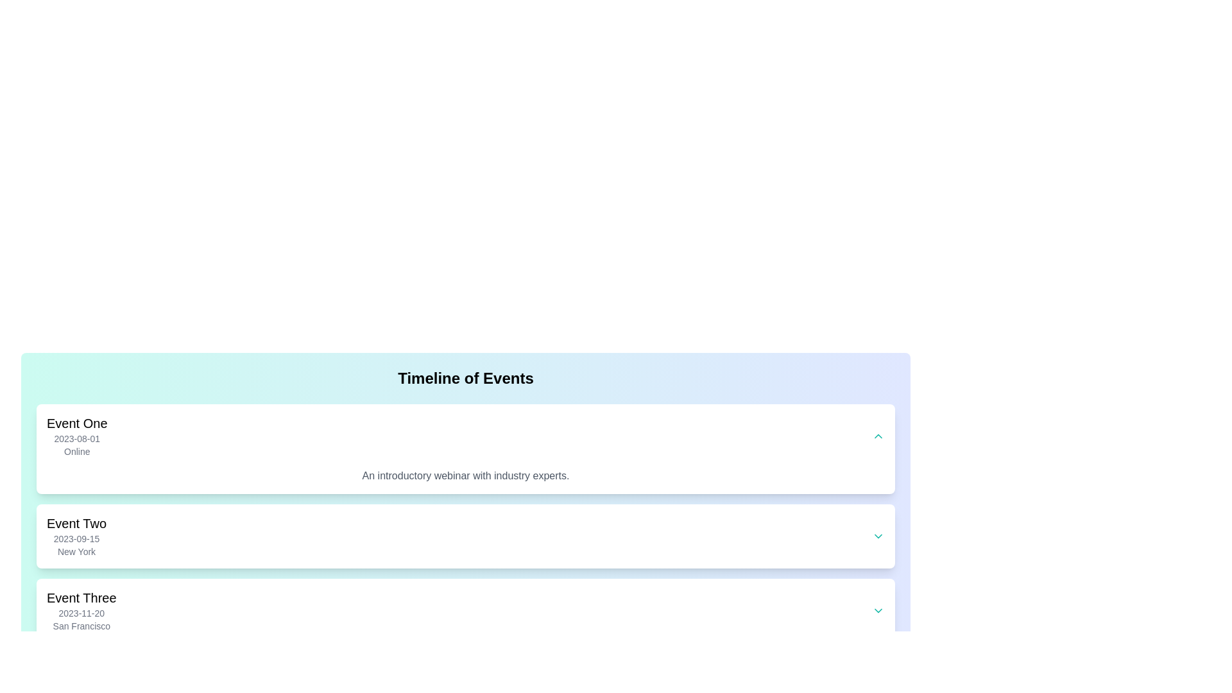 The width and height of the screenshot is (1232, 693). What do you see at coordinates (76, 539) in the screenshot?
I see `the static text label displaying the date associated with 'Event Two', which is positioned below the title 'Event Two' and above the location 'New York'` at bounding box center [76, 539].